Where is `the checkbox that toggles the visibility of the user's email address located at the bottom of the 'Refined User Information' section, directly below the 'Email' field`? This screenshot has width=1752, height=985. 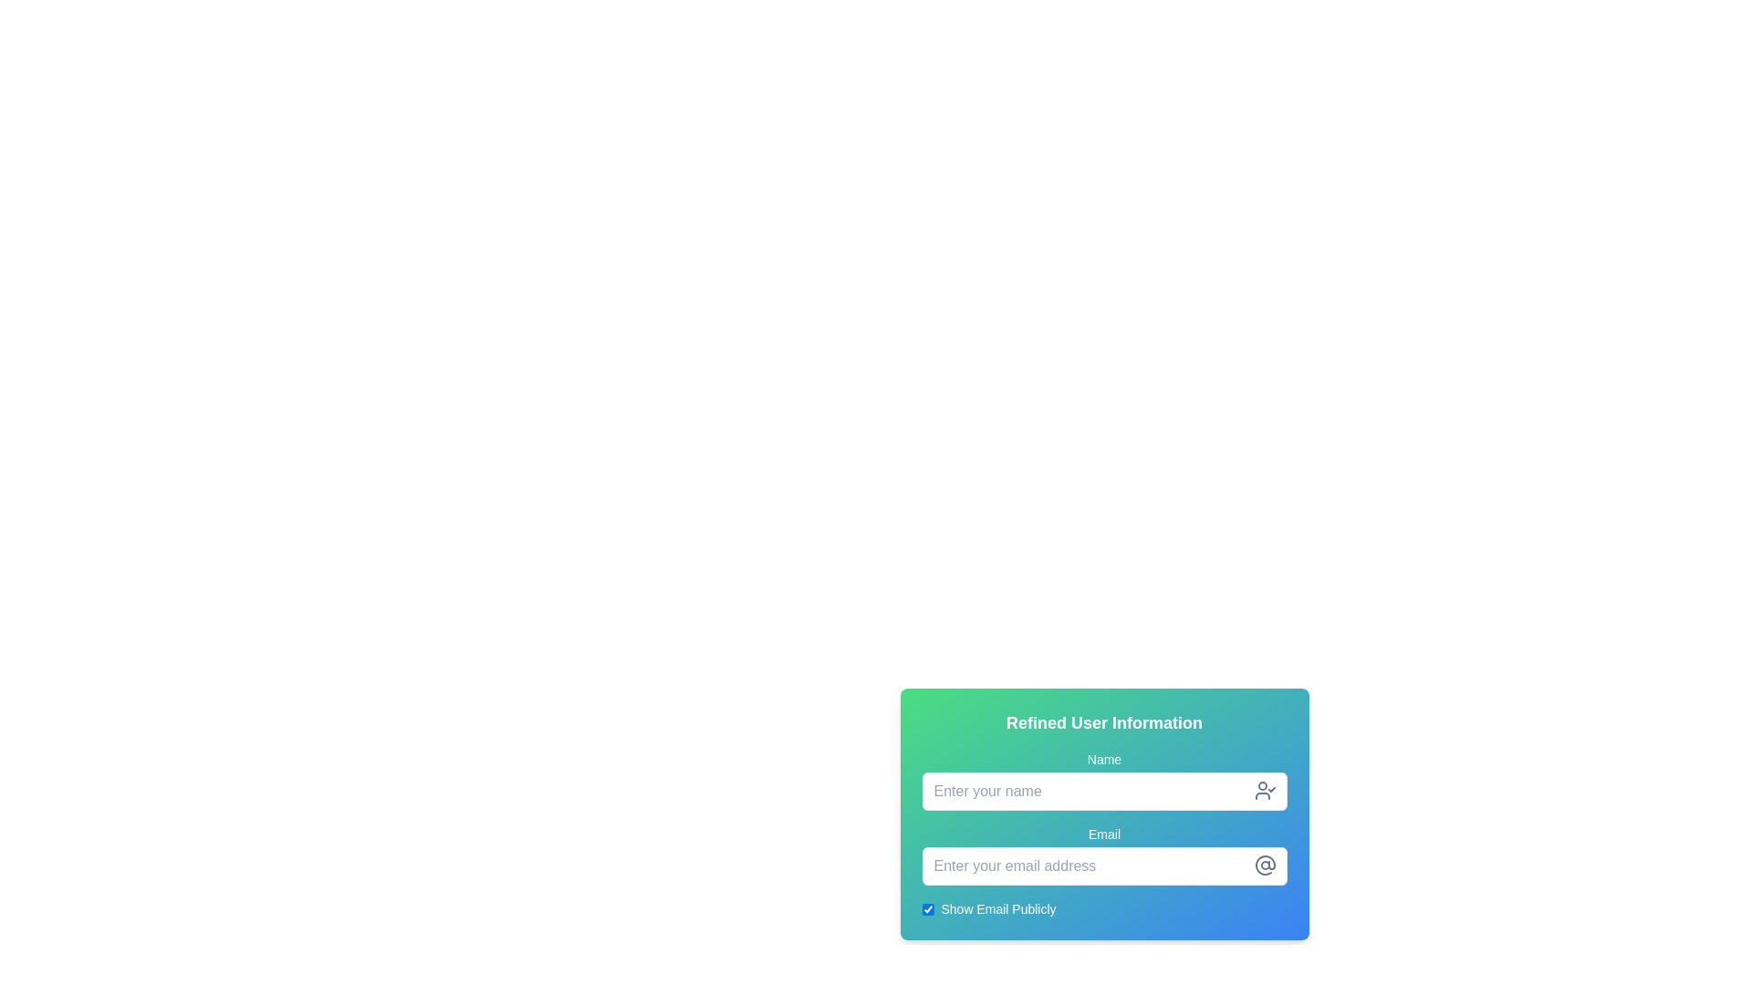
the checkbox that toggles the visibility of the user's email address located at the bottom of the 'Refined User Information' section, directly below the 'Email' field is located at coordinates (1103, 908).